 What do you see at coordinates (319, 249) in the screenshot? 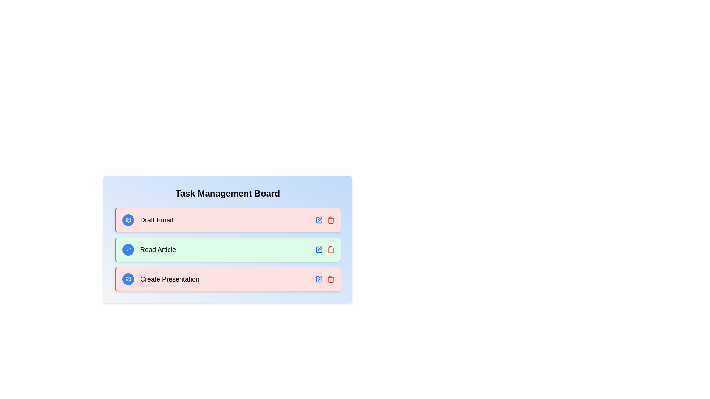
I see `the edit button for the task 'Read Article'` at bounding box center [319, 249].